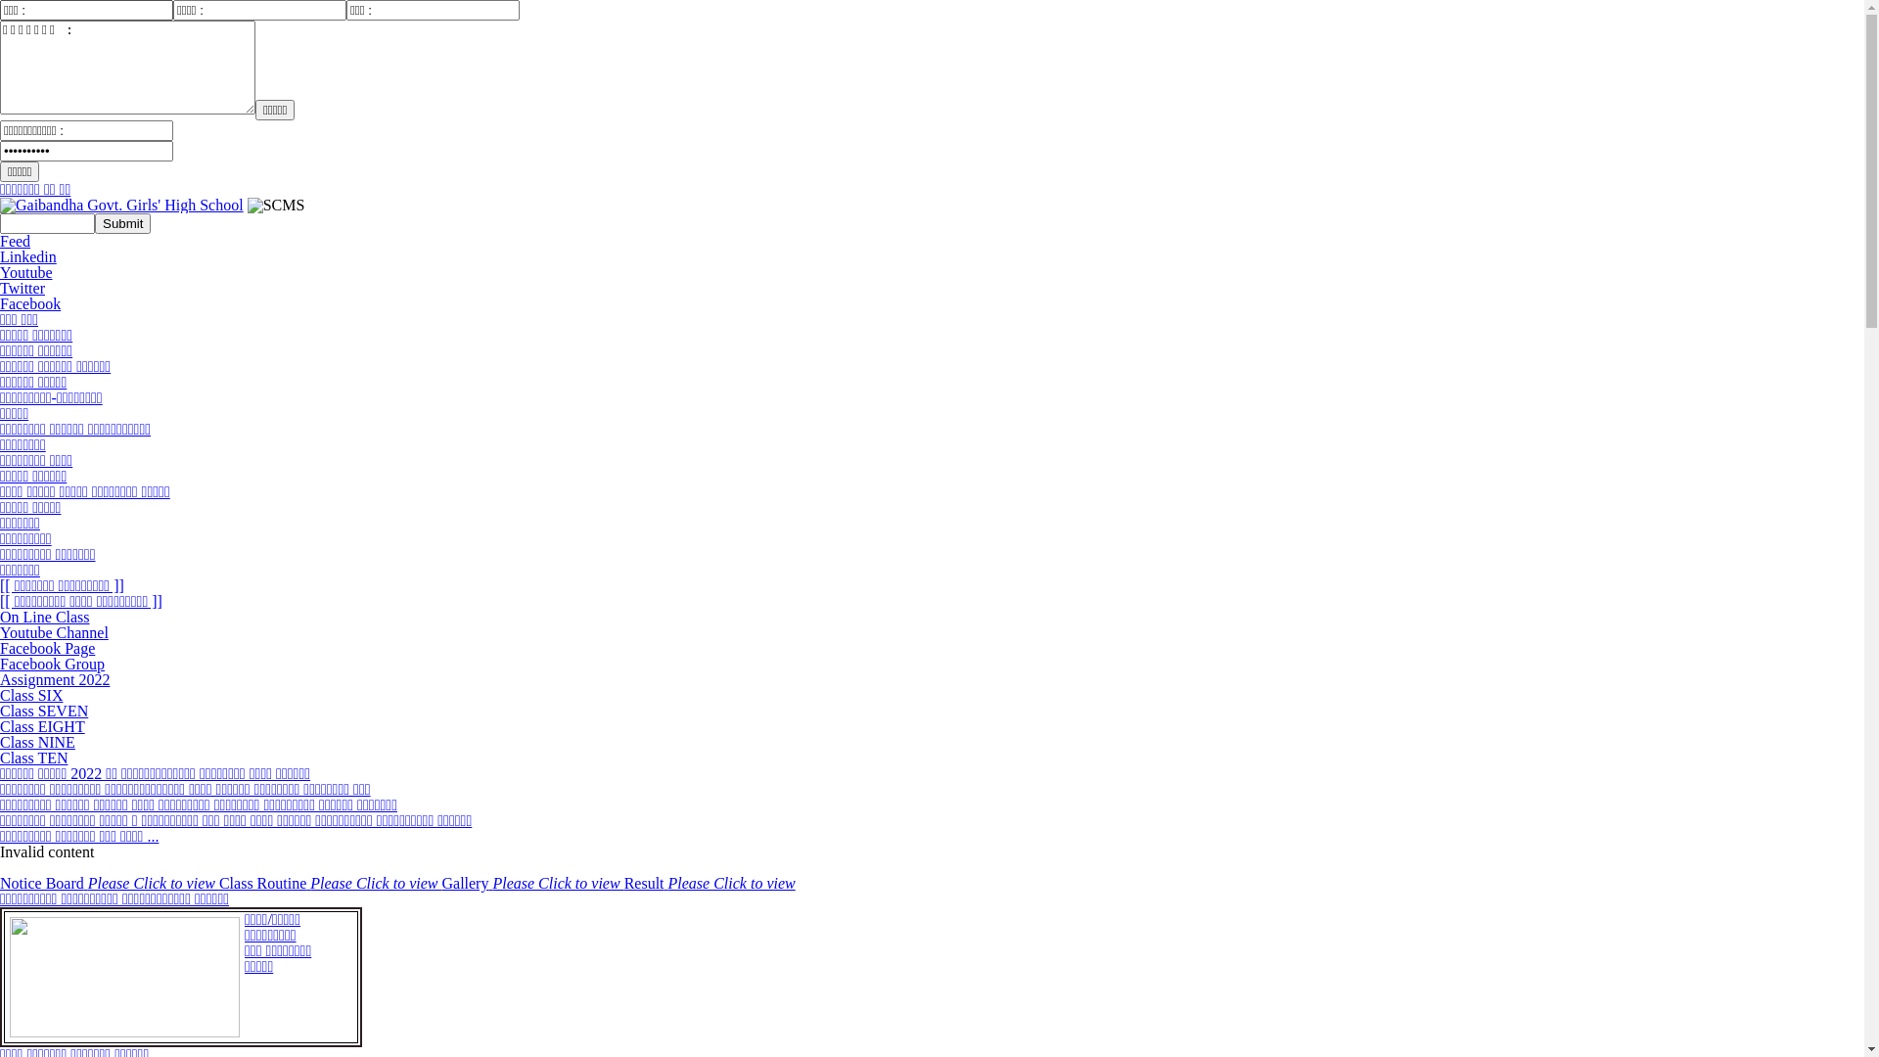  What do you see at coordinates (531, 883) in the screenshot?
I see `'Gallery Please Click to view'` at bounding box center [531, 883].